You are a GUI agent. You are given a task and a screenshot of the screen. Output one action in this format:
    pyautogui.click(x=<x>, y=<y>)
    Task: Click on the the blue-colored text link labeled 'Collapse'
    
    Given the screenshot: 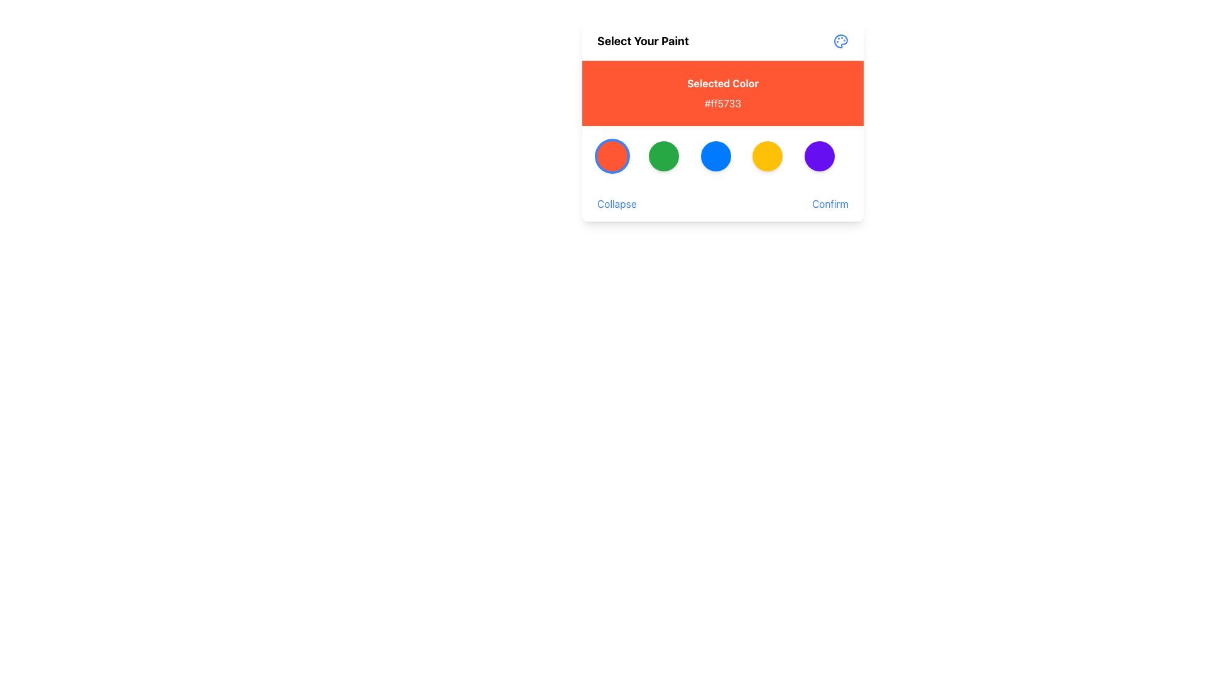 What is the action you would take?
    pyautogui.click(x=617, y=203)
    